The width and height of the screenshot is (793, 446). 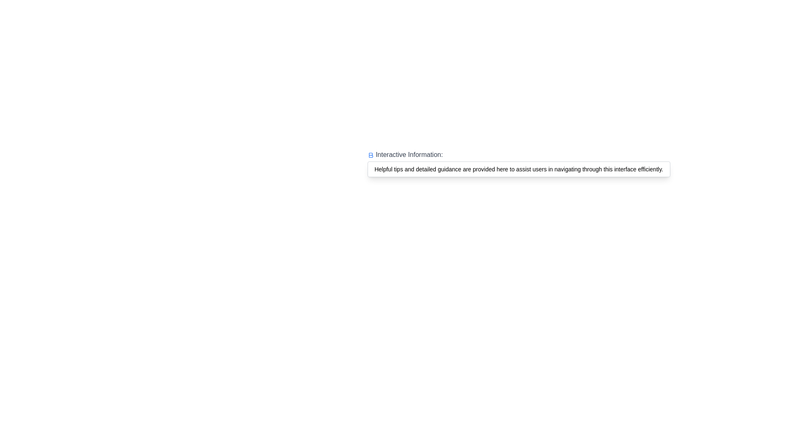 I want to click on the blue vector graphic icon located to the left of the 'Interactive Information' text, so click(x=370, y=155).